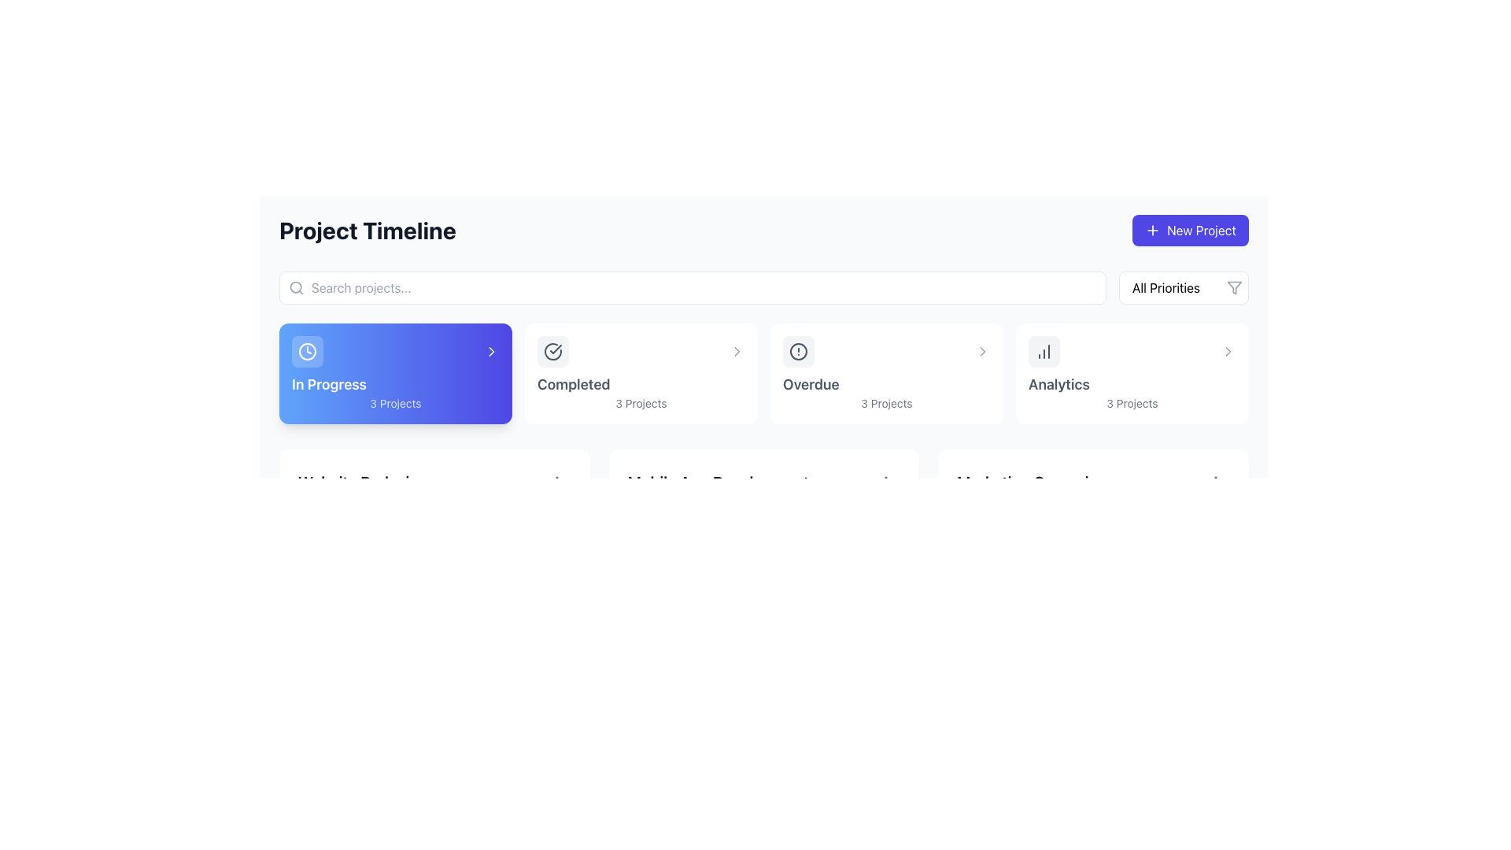  What do you see at coordinates (886, 482) in the screenshot?
I see `the Ellipsis icon located at the bottom-right of the 'Analytics' section to access related functionalities` at bounding box center [886, 482].